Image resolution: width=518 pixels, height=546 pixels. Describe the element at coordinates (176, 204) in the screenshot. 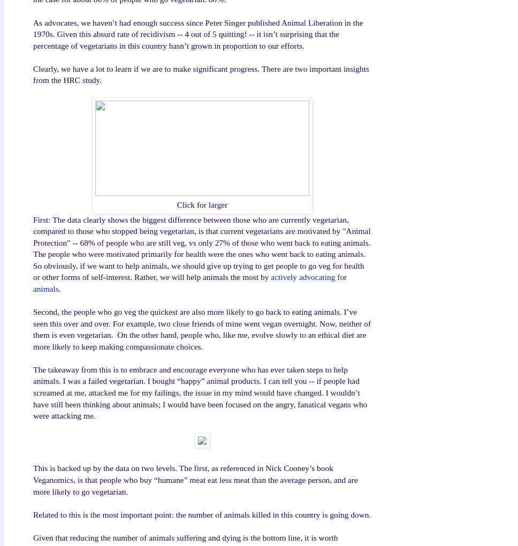

I see `'Click for larger'` at that location.